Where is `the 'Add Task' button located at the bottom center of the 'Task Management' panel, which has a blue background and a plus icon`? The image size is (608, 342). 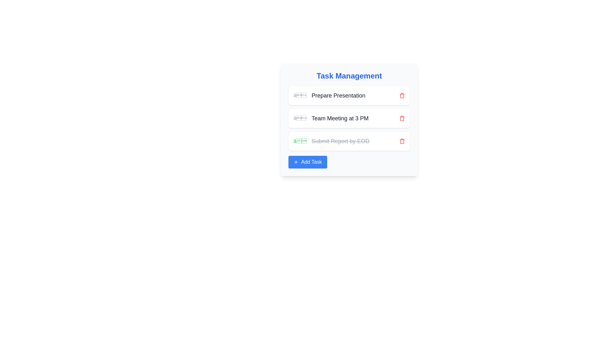 the 'Add Task' button located at the bottom center of the 'Task Management' panel, which has a blue background and a plus icon is located at coordinates (307, 162).